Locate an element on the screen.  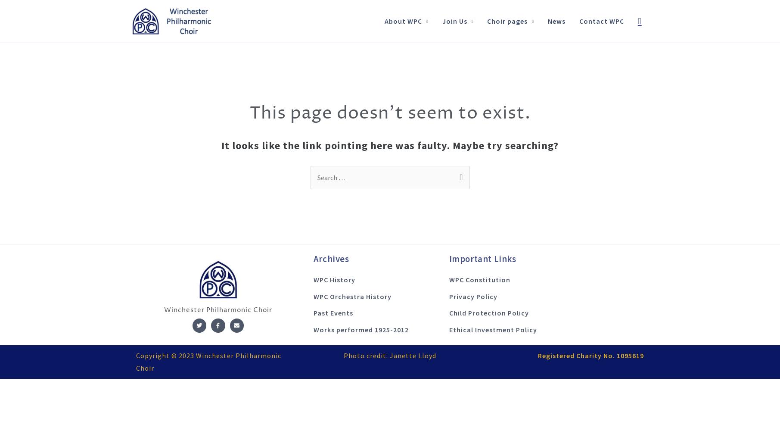
'Privacy Policy' is located at coordinates (449, 296).